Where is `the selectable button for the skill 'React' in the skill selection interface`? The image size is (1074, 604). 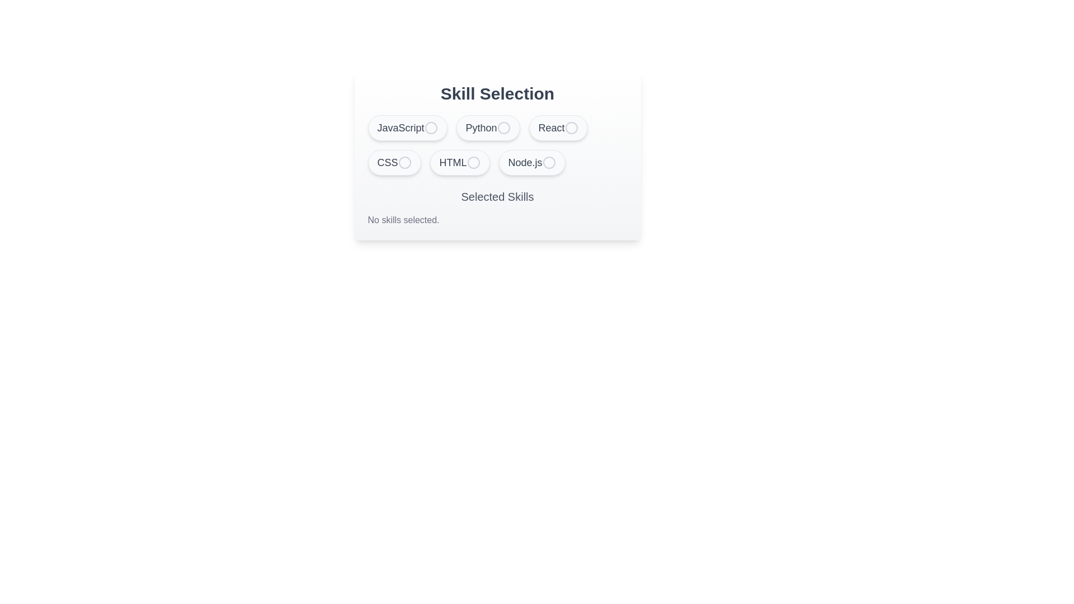
the selectable button for the skill 'React' in the skill selection interface is located at coordinates (558, 127).